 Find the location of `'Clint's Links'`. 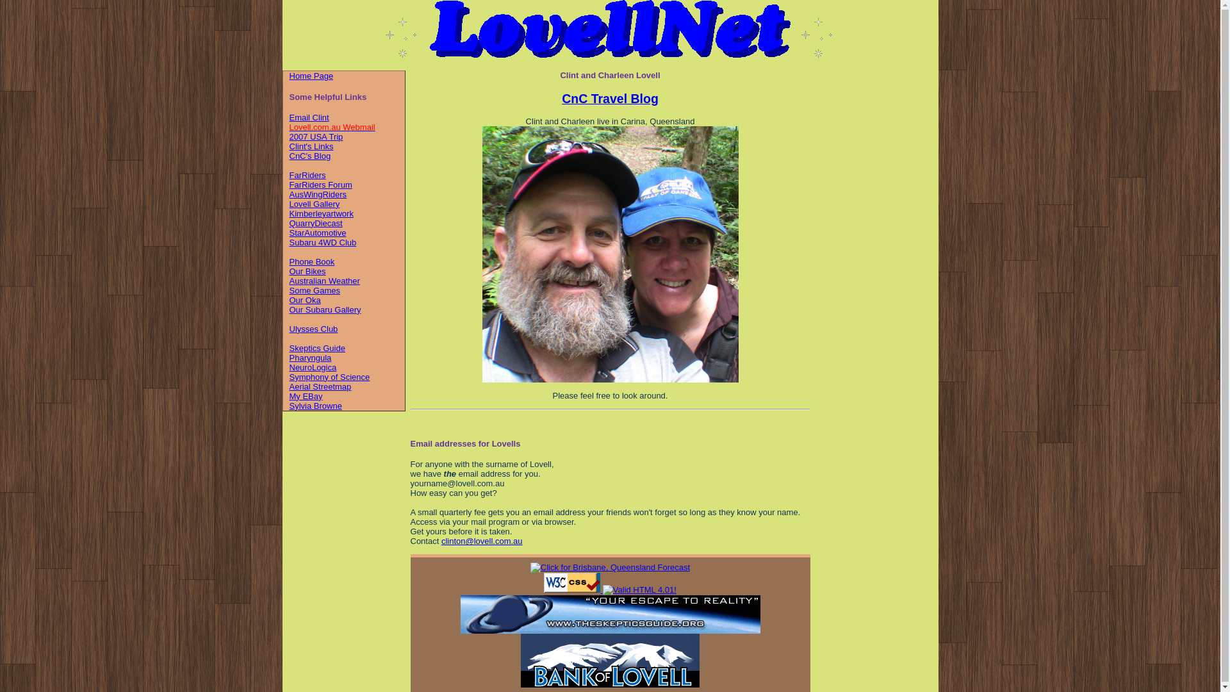

'Clint's Links' is located at coordinates (311, 145).